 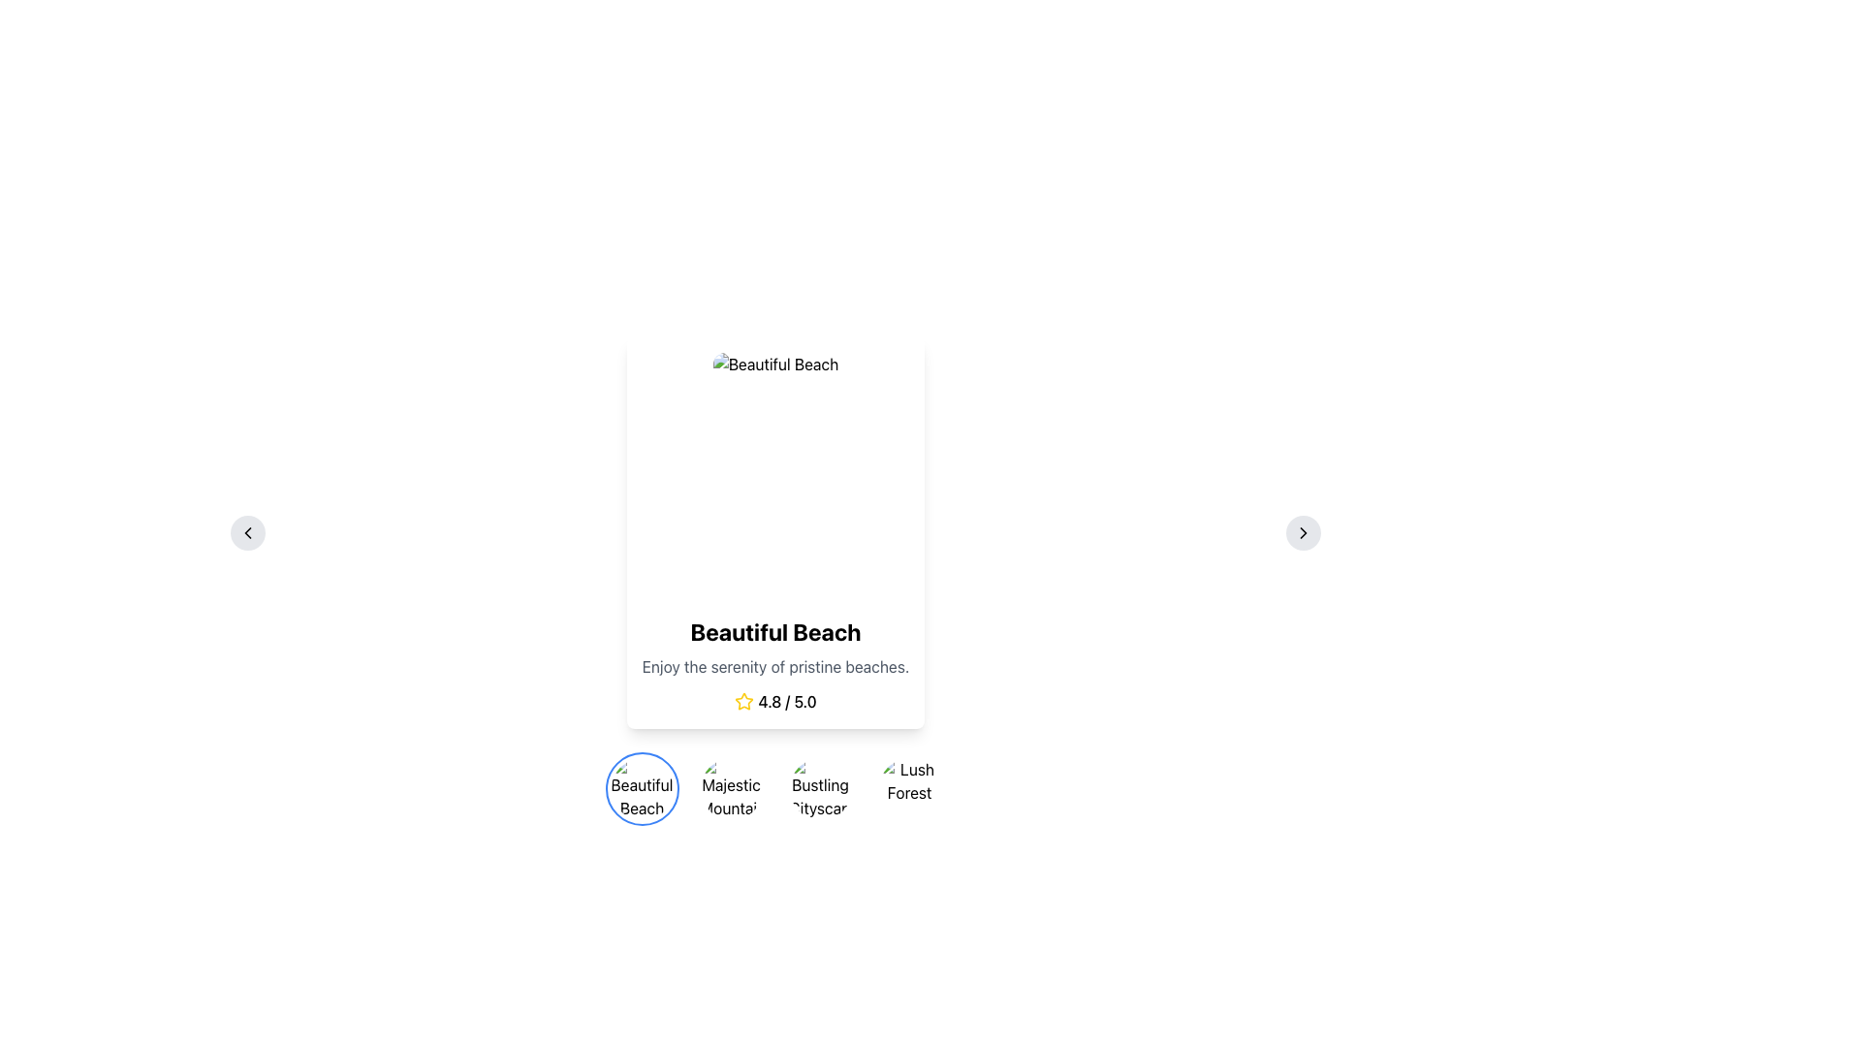 What do you see at coordinates (908, 788) in the screenshot?
I see `the circular image icon with the alt text 'Lush Forest'` at bounding box center [908, 788].